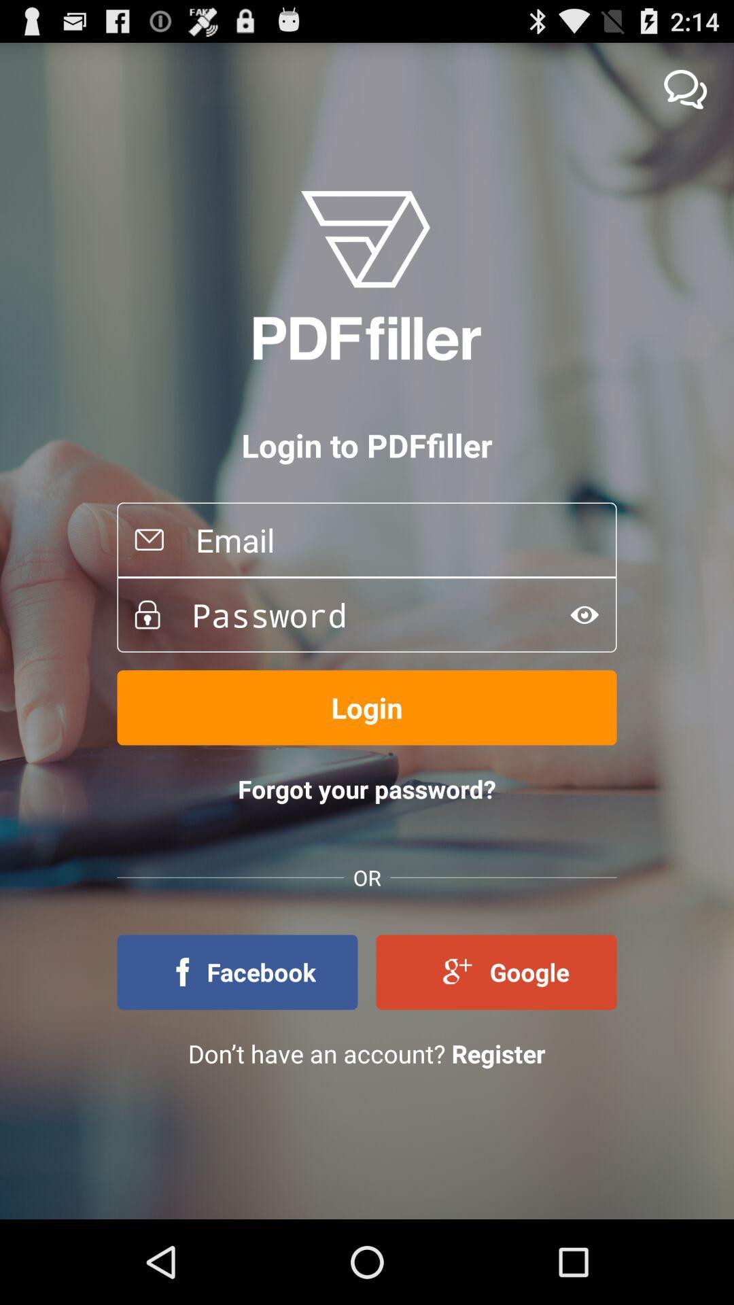 This screenshot has width=734, height=1305. Describe the element at coordinates (355, 614) in the screenshot. I see `password textbox` at that location.